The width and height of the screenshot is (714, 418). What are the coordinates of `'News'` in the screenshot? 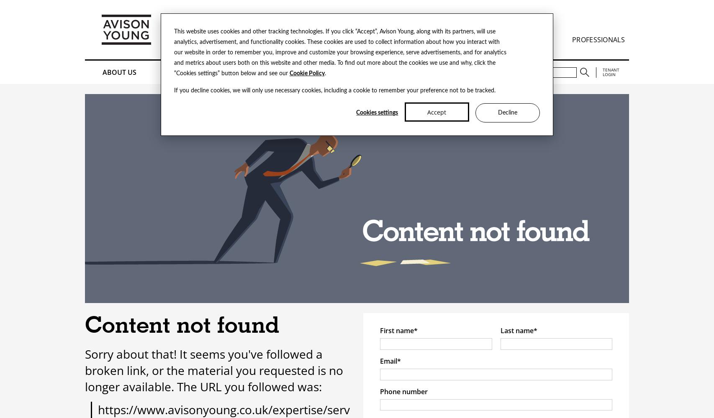 It's located at (342, 72).